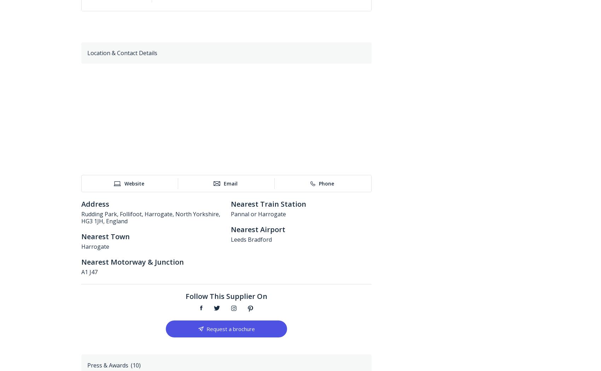 This screenshot has height=371, width=601. I want to click on 'Press & Awards', so click(107, 364).